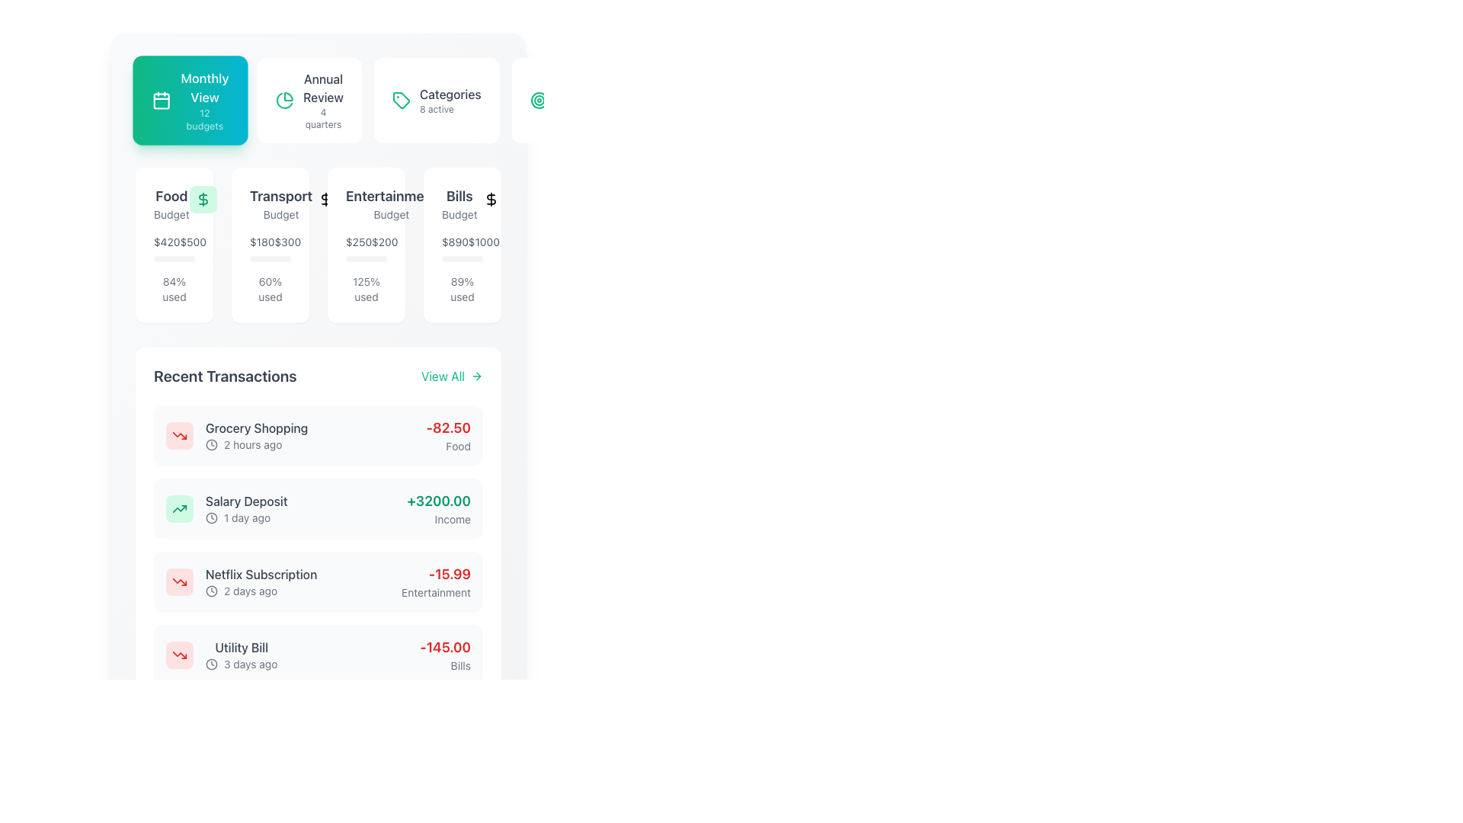 The image size is (1463, 823). What do you see at coordinates (289, 97) in the screenshot?
I see `the top-right curved segment of the pie chart icon, which is visually represented as a modern, minimalistic curved graphical segment` at bounding box center [289, 97].